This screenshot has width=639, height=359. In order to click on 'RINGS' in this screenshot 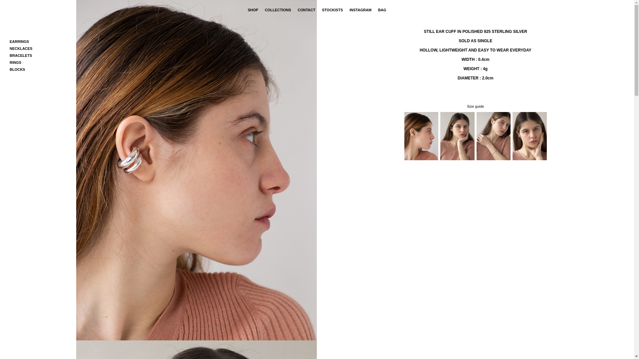, I will do `click(15, 62)`.